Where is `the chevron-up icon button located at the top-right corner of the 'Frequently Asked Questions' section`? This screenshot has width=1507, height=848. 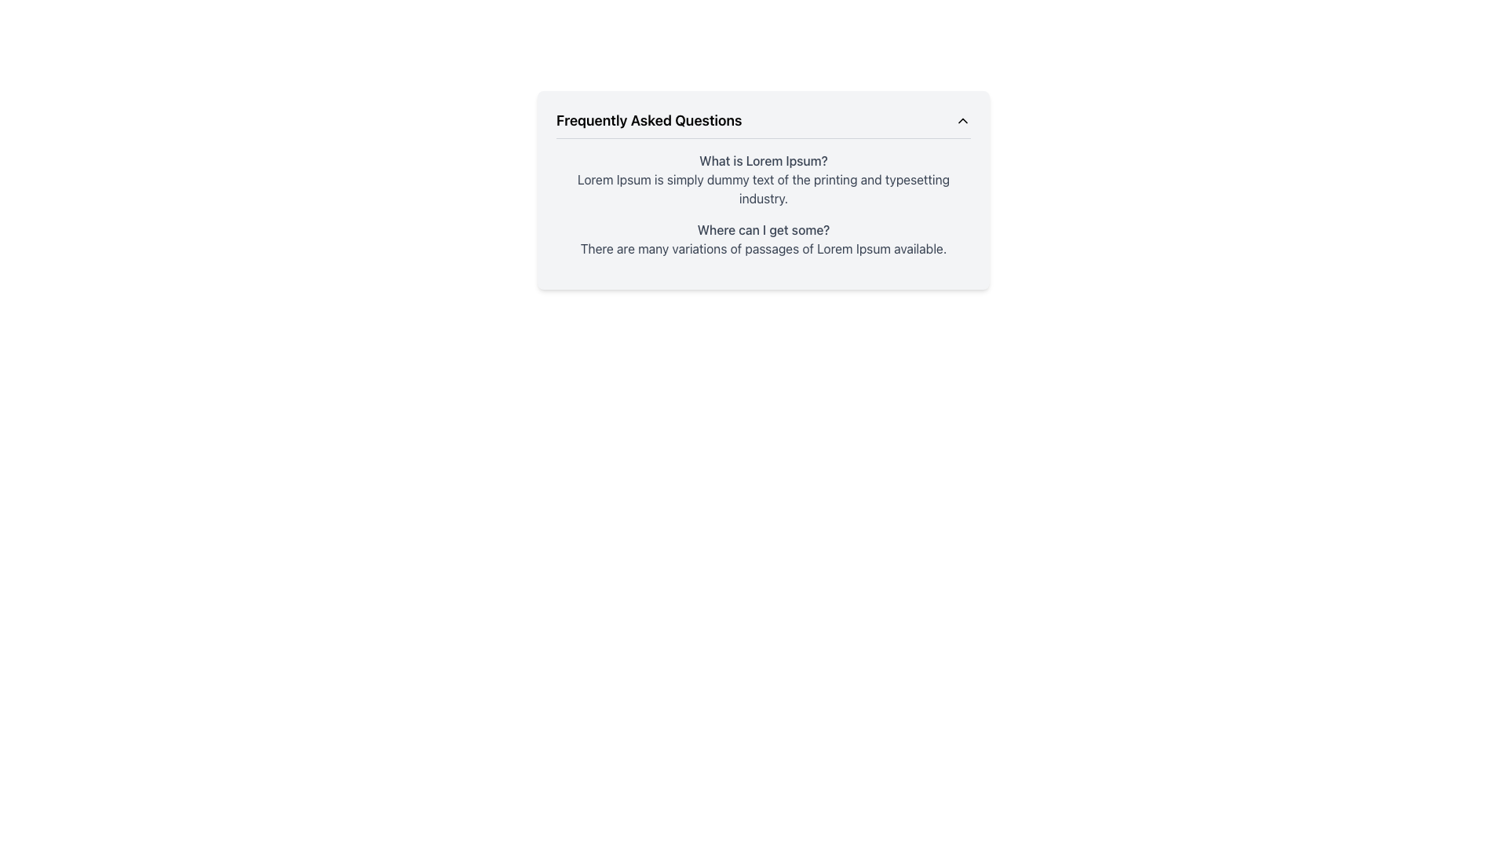 the chevron-up icon button located at the top-right corner of the 'Frequently Asked Questions' section is located at coordinates (962, 120).